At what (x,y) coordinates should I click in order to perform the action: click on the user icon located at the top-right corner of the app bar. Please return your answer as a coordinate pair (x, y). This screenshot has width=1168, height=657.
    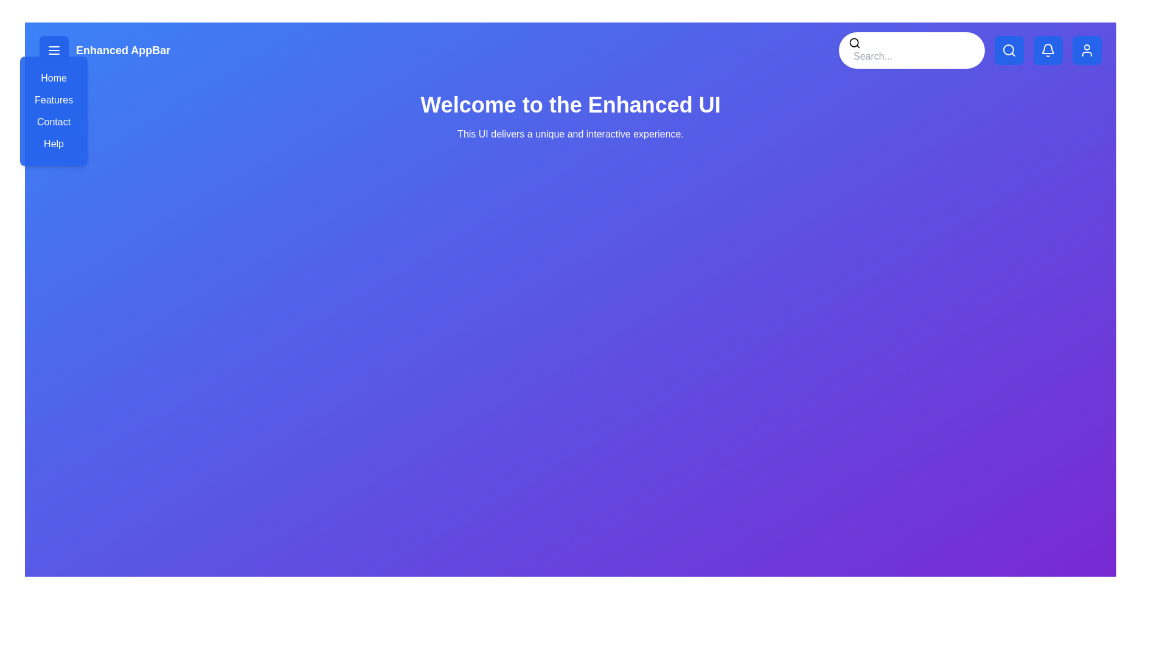
    Looking at the image, I should click on (1086, 50).